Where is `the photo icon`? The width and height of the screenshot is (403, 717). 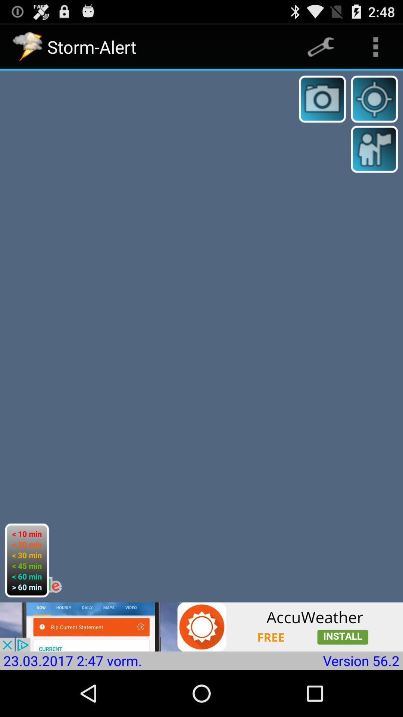 the photo icon is located at coordinates (322, 106).